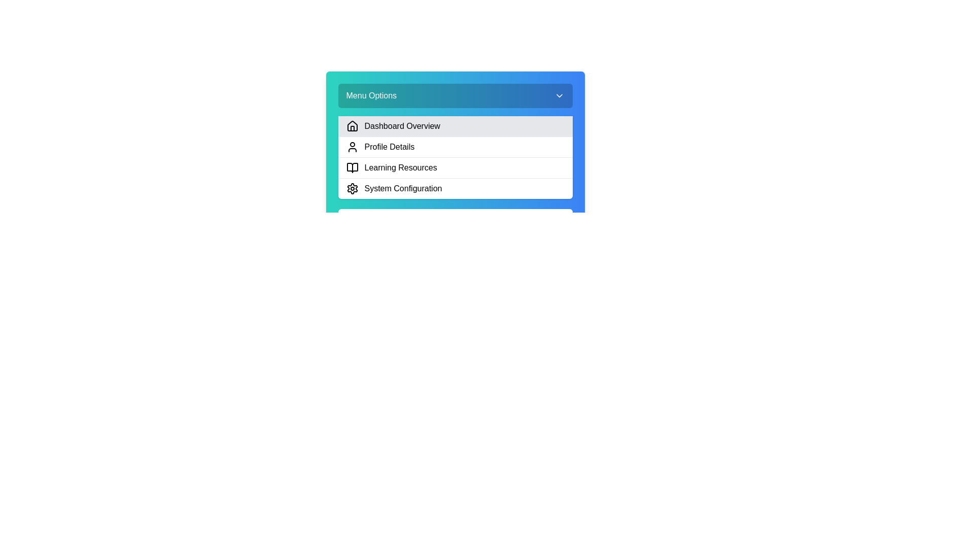  What do you see at coordinates (352, 188) in the screenshot?
I see `the gear icon, which signifies system settings` at bounding box center [352, 188].